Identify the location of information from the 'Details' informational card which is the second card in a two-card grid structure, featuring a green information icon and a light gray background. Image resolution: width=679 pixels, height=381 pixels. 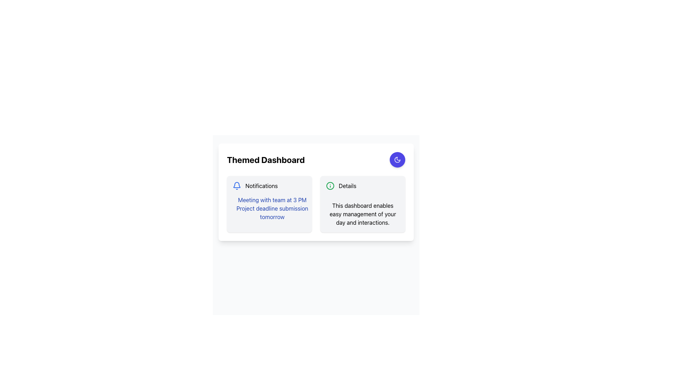
(363, 204).